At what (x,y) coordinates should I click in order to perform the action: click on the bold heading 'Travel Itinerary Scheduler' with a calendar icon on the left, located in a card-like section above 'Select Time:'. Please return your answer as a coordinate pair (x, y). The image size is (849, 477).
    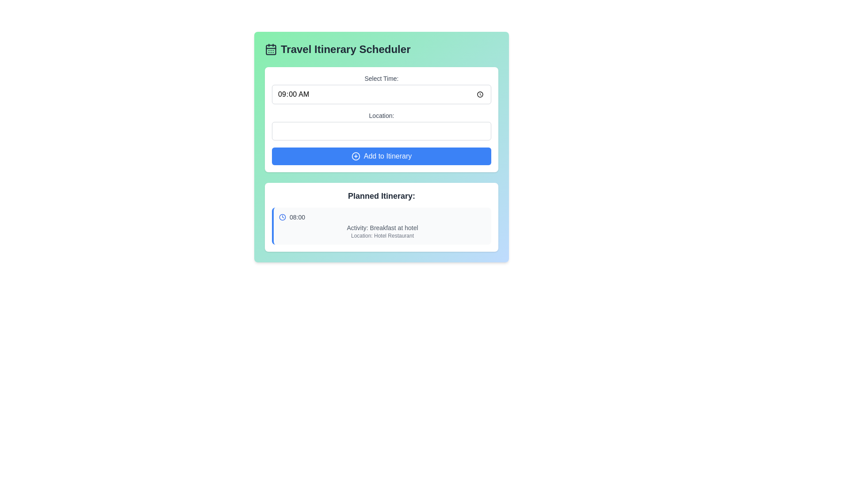
    Looking at the image, I should click on (382, 49).